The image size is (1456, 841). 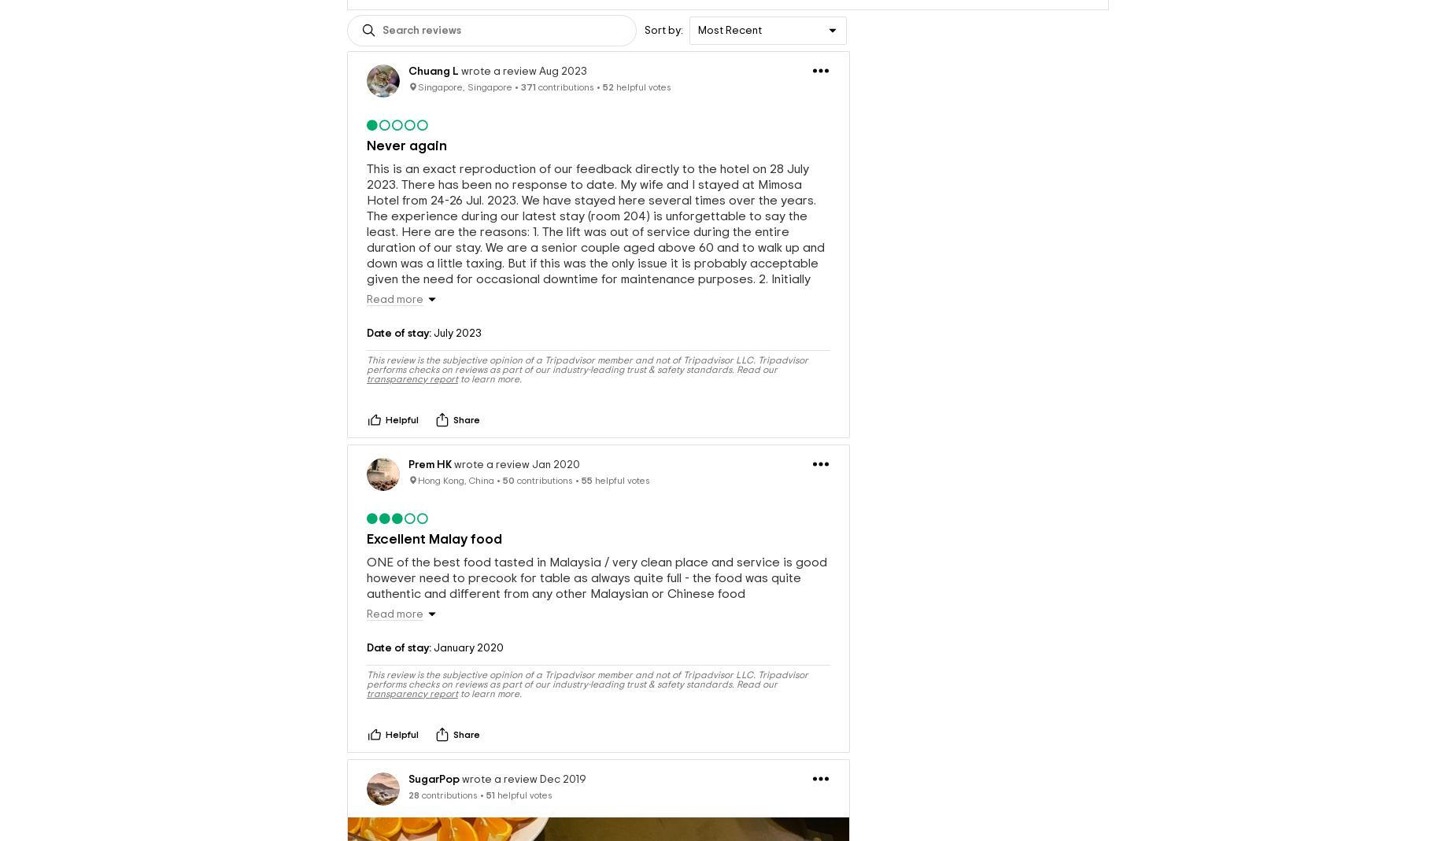 I want to click on 'July 2023', so click(x=456, y=333).